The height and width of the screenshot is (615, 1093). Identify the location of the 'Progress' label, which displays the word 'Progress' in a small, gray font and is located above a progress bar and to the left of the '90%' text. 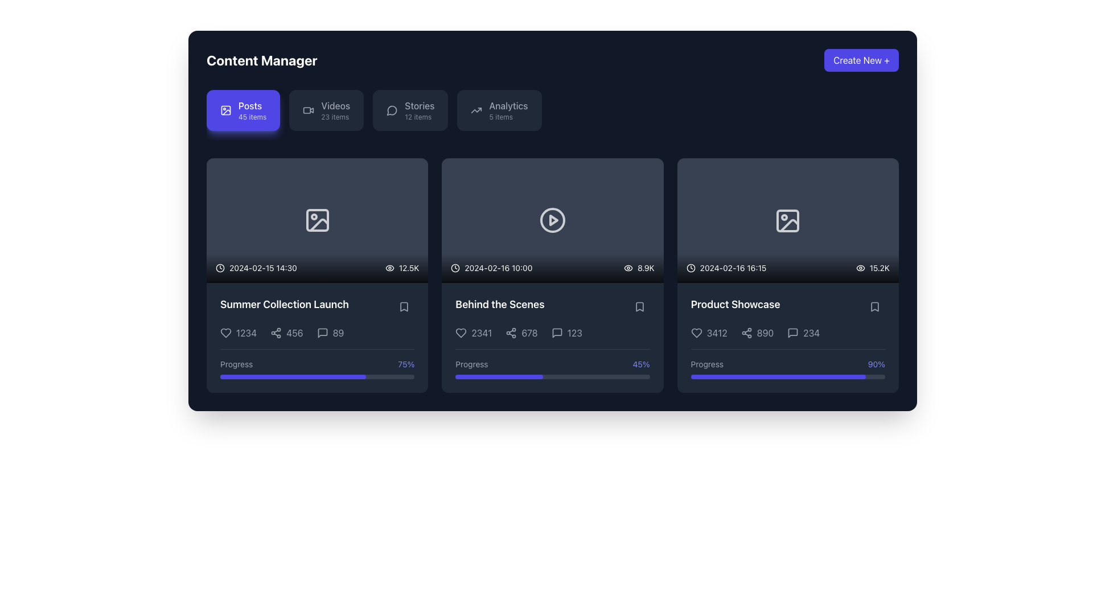
(706, 364).